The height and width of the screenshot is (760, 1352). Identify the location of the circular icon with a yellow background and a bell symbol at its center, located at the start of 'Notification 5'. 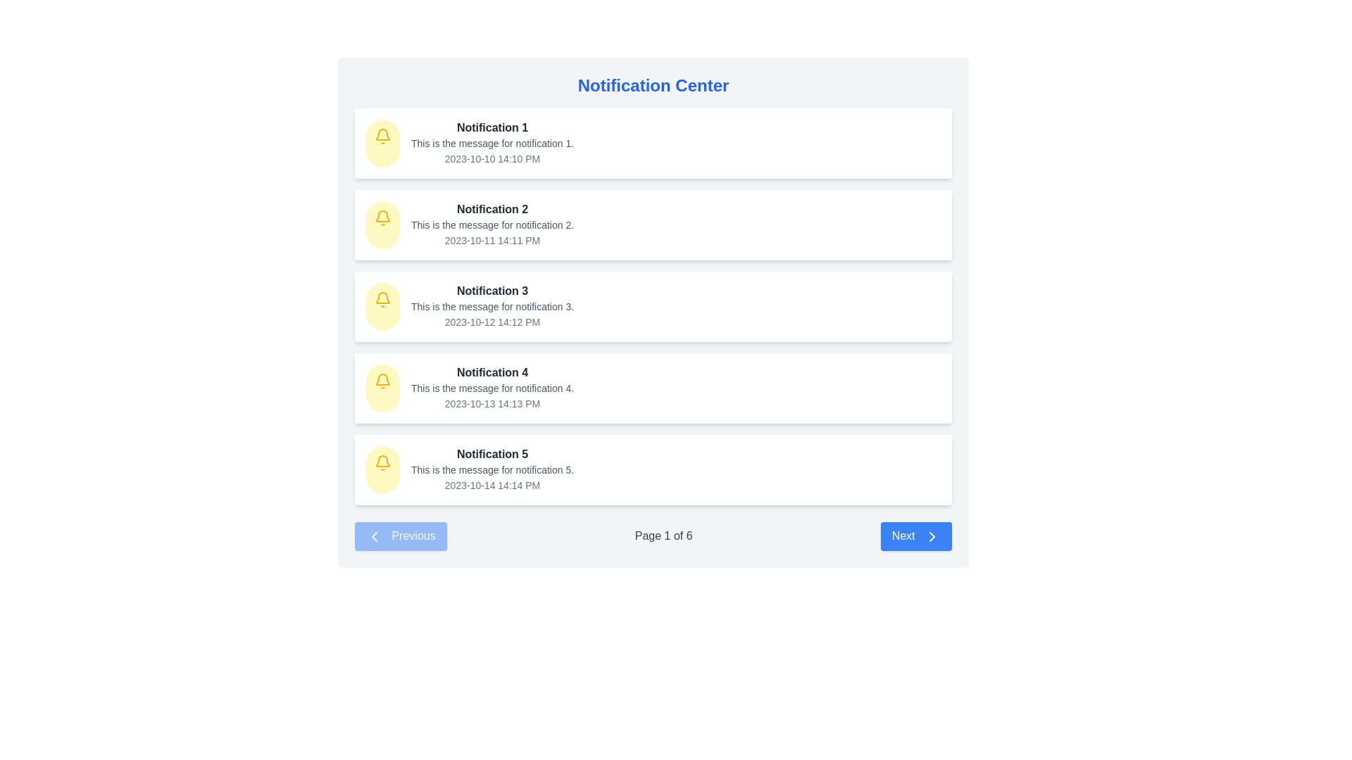
(382, 469).